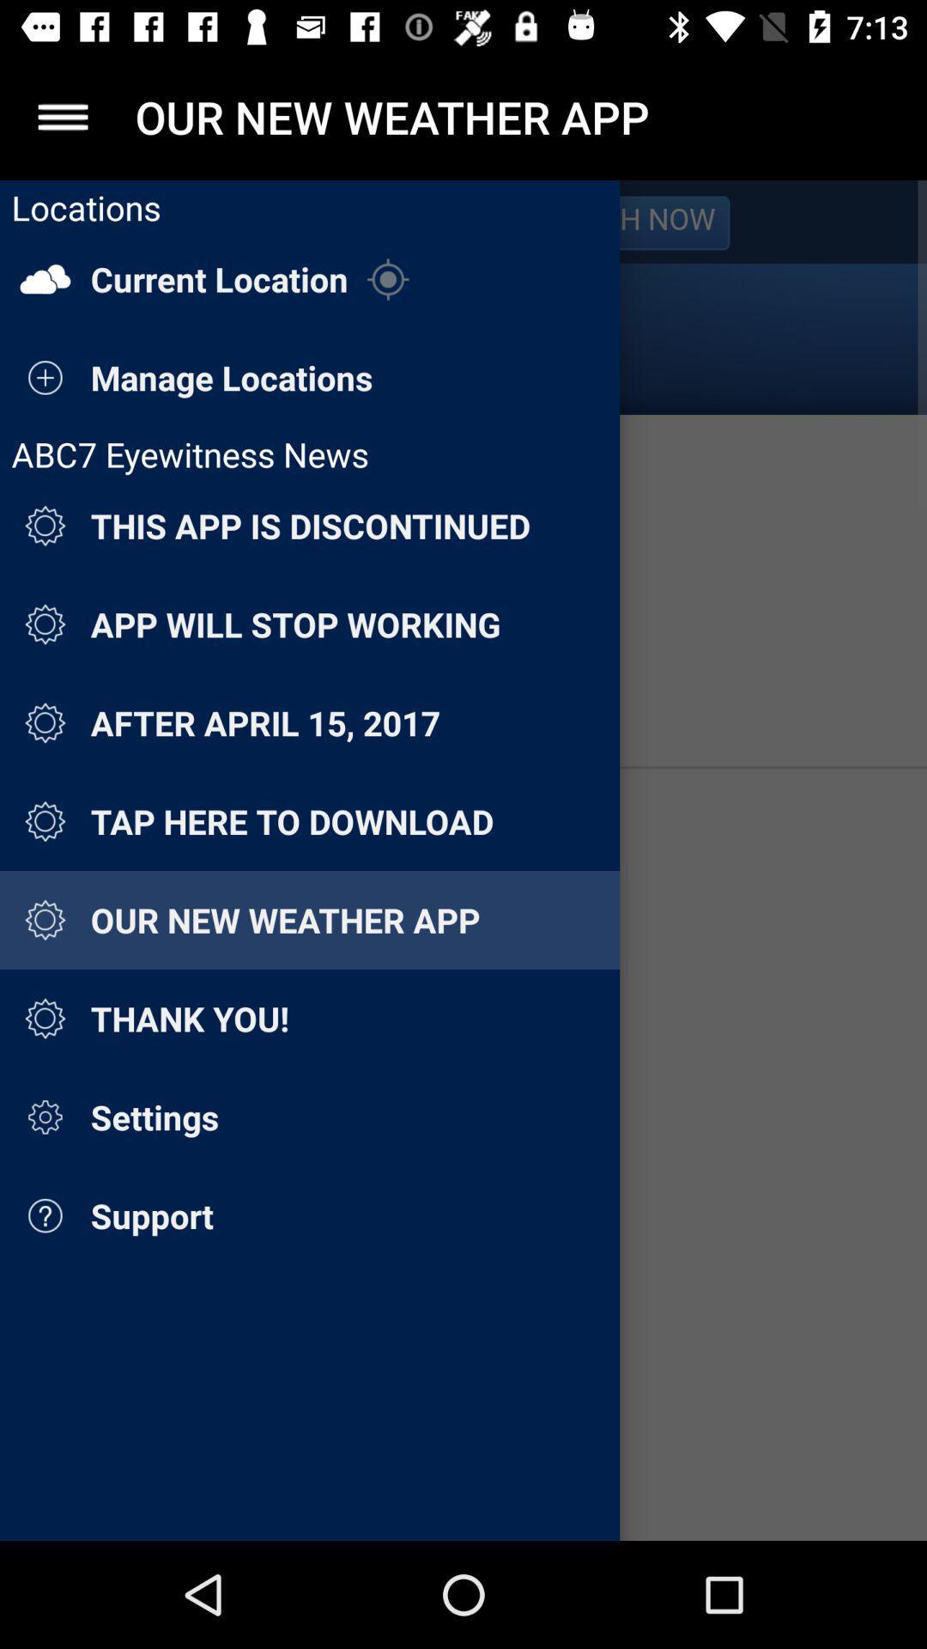 Image resolution: width=927 pixels, height=1649 pixels. What do you see at coordinates (62, 116) in the screenshot?
I see `menu` at bounding box center [62, 116].